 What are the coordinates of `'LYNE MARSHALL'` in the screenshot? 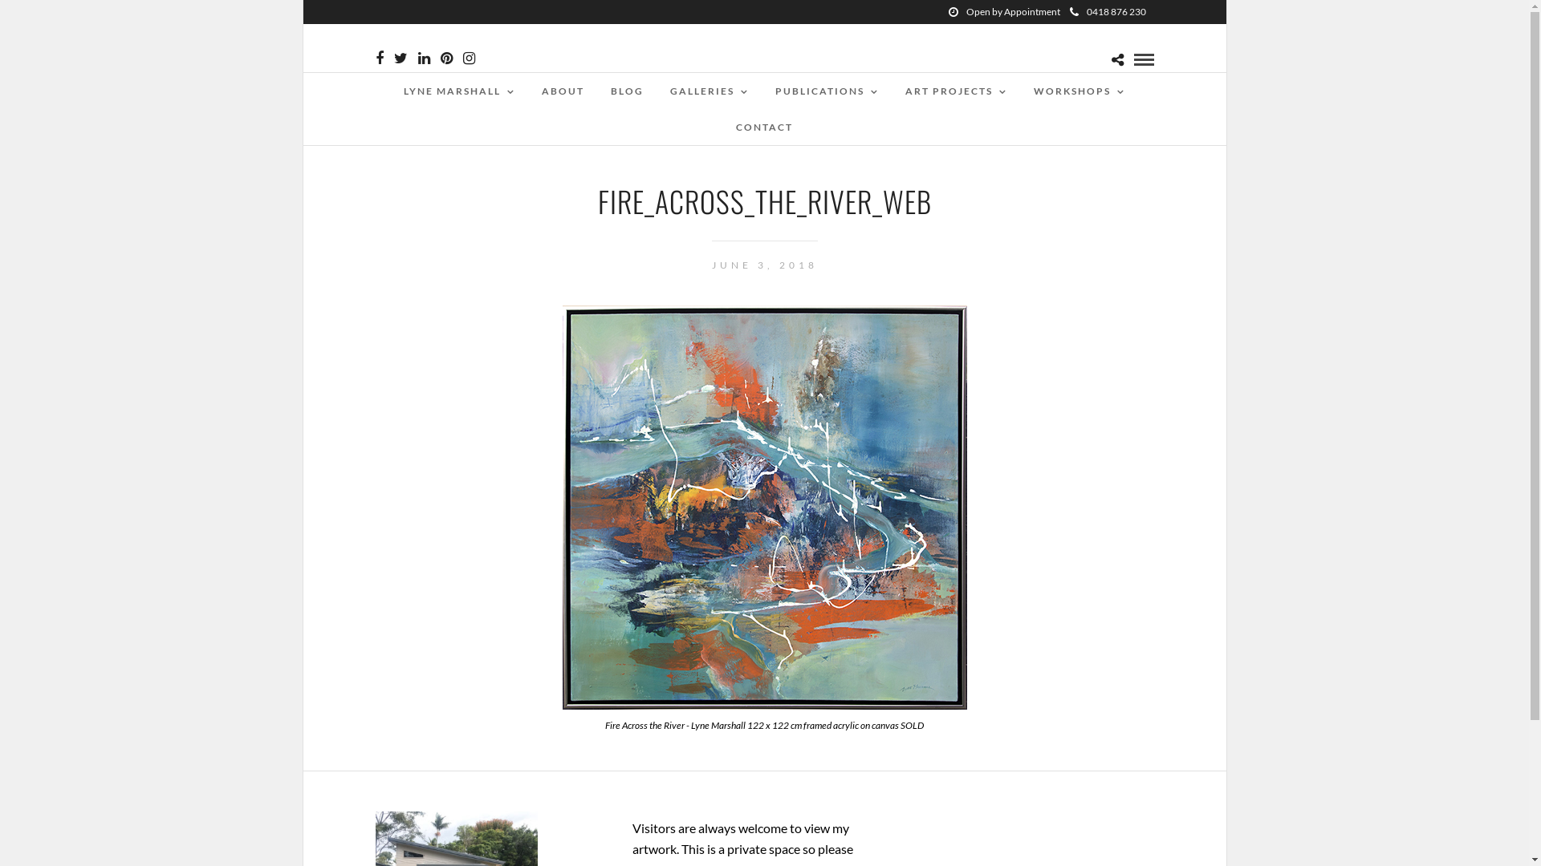 It's located at (458, 91).